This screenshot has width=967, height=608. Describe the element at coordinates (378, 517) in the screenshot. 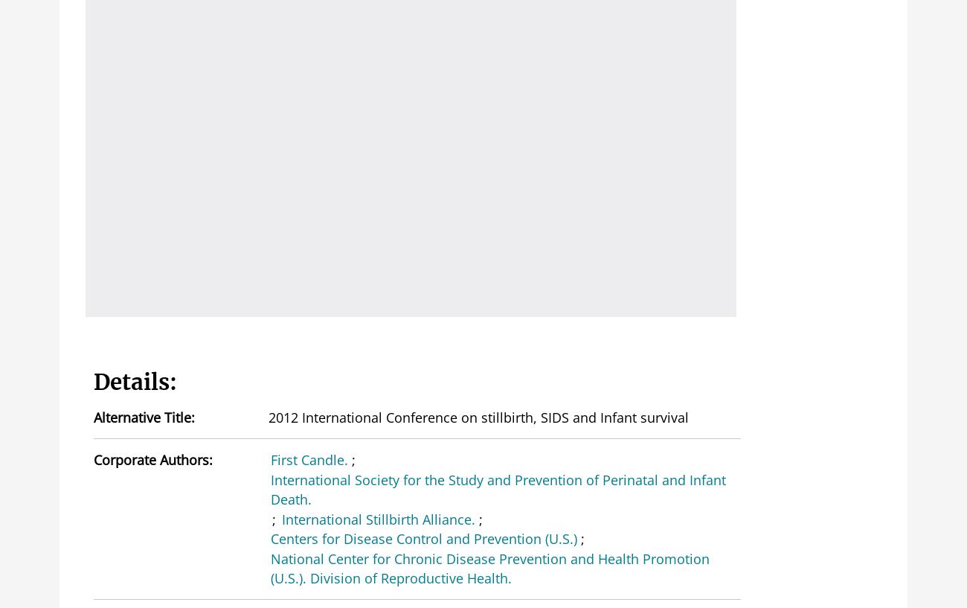

I see `'International Stillbirth Alliance.'` at that location.